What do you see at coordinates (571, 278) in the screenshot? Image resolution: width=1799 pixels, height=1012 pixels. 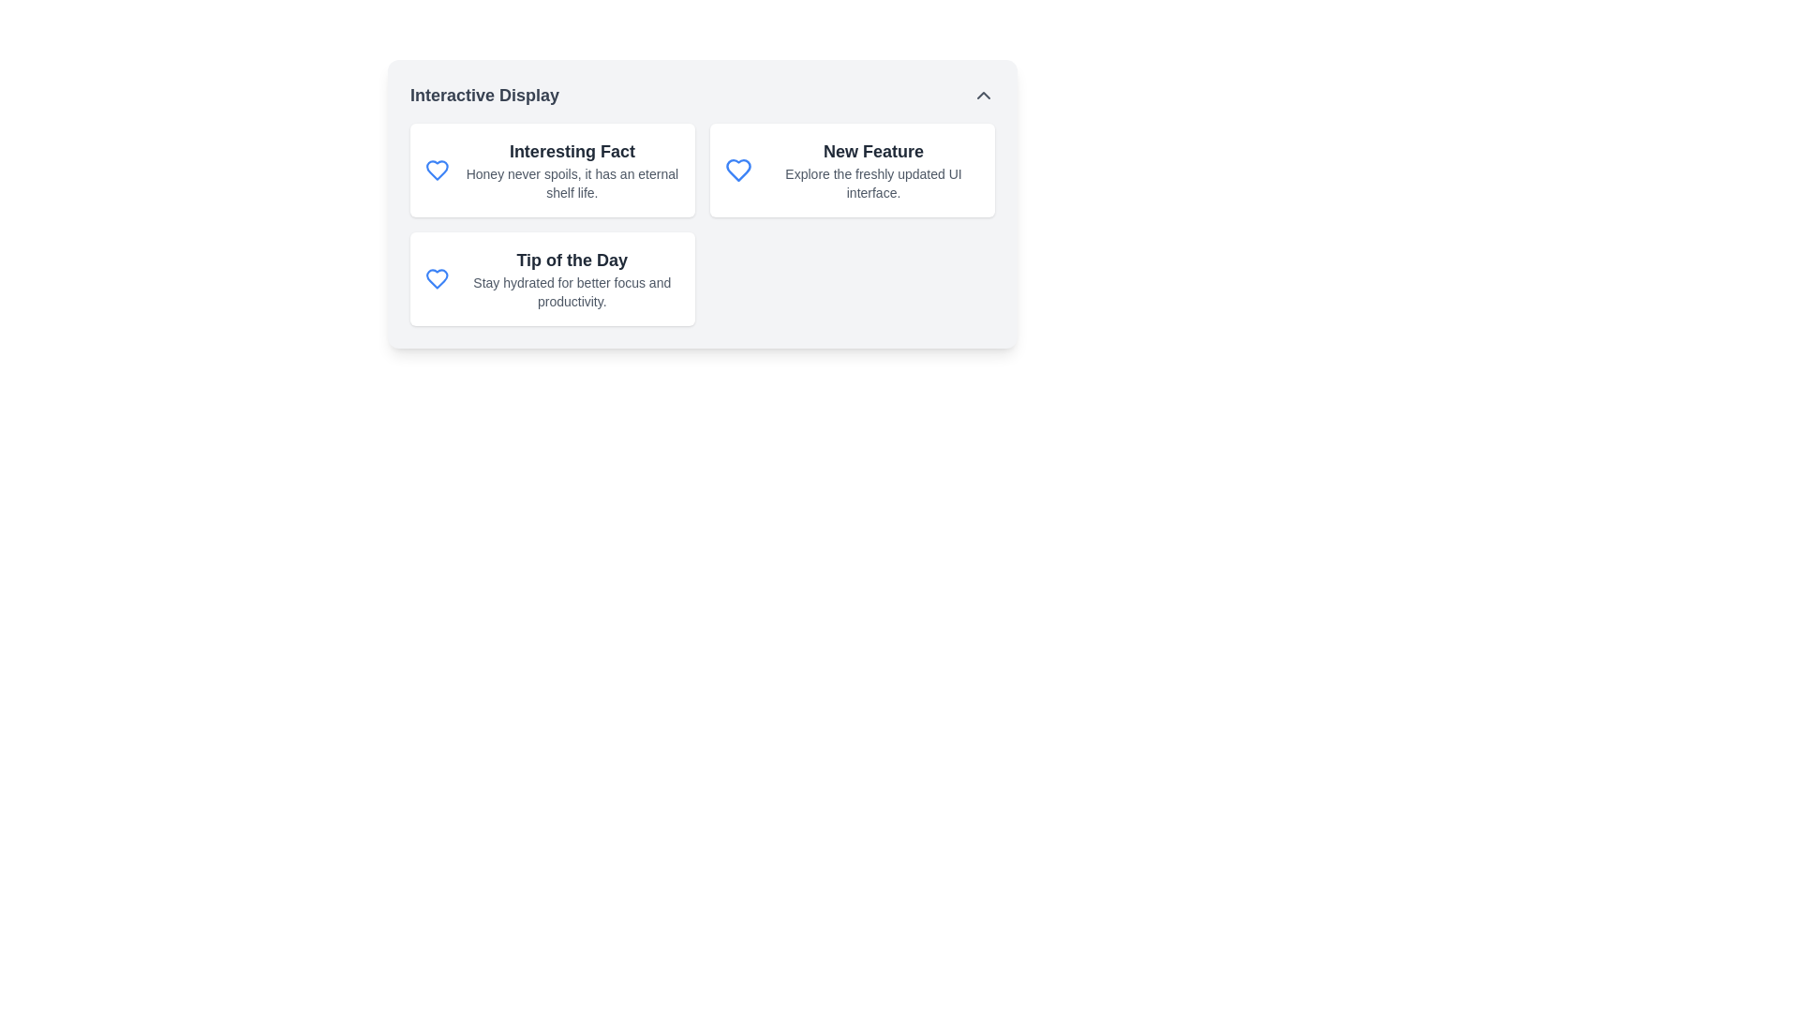 I see `the text display component titled 'Tip of the Day', which includes the description 'Stay hydrated for better focus and productivity.'` at bounding box center [571, 278].